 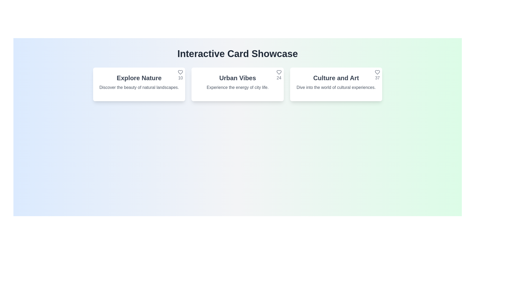 I want to click on the heart icon located in the top-right corner of the 'Explore Nature' card, so click(x=180, y=72).